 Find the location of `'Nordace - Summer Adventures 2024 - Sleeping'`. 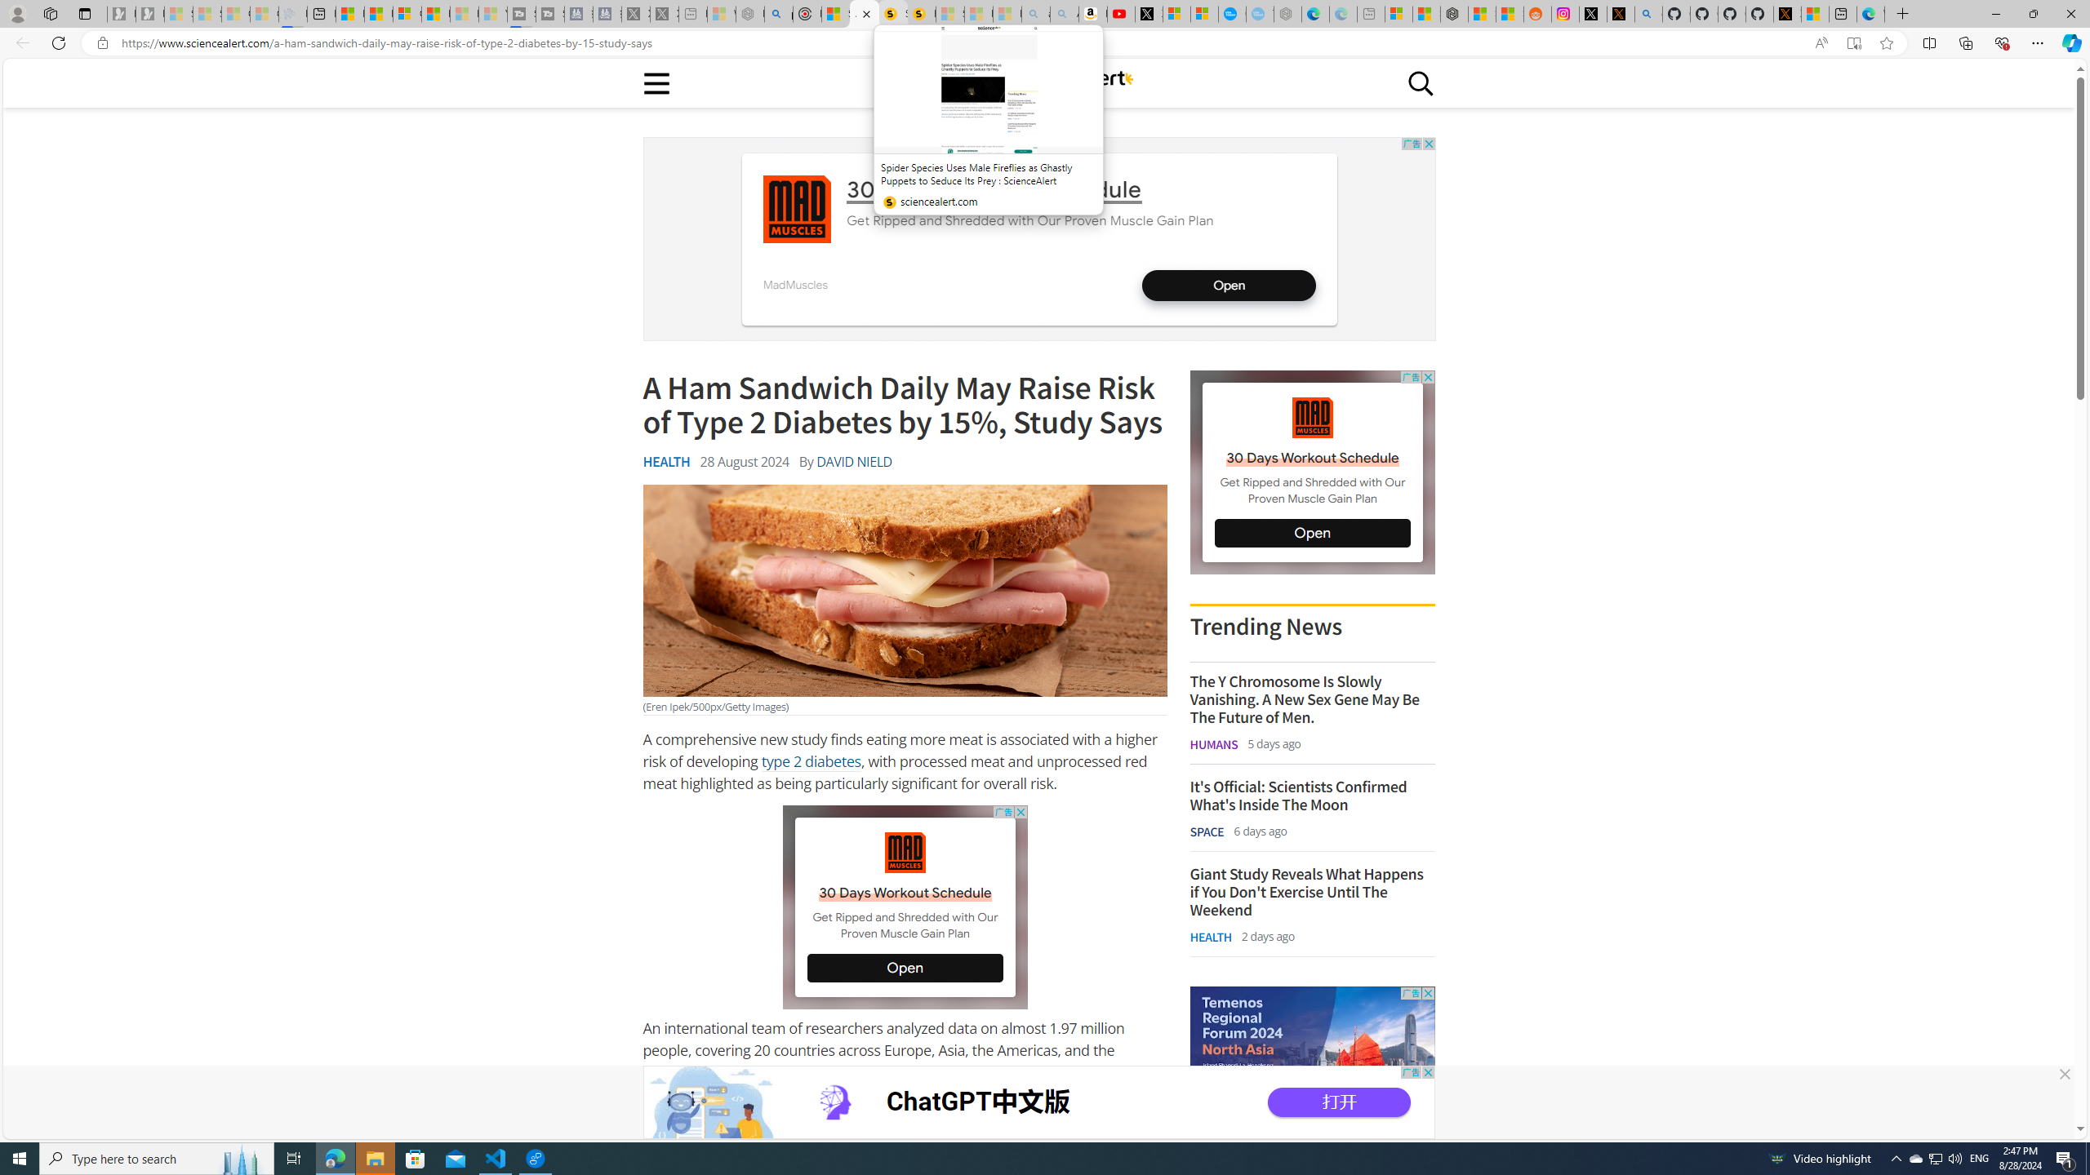

'Nordace - Summer Adventures 2024 - Sleeping' is located at coordinates (749, 13).